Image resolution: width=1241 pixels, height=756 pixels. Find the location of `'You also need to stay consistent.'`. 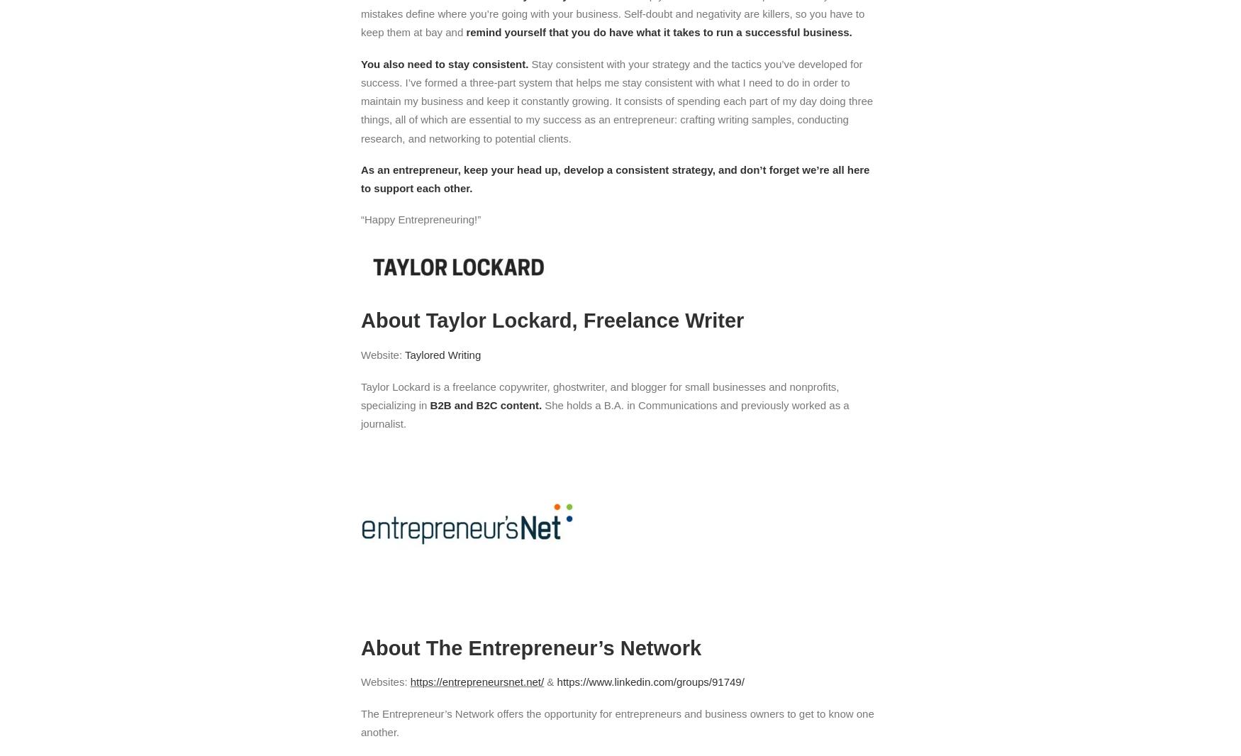

'You also need to stay consistent.' is located at coordinates (445, 62).